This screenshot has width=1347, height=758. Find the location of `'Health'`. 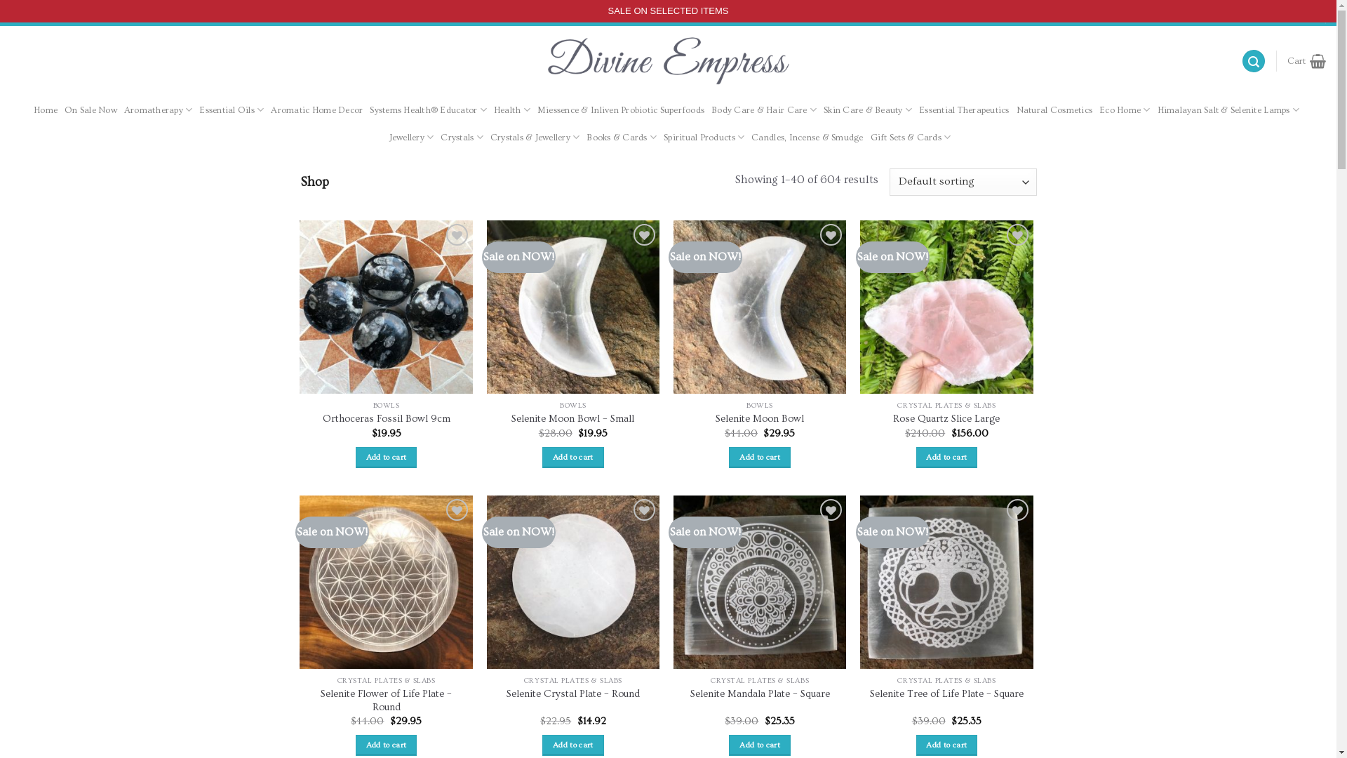

'Health' is located at coordinates (511, 109).